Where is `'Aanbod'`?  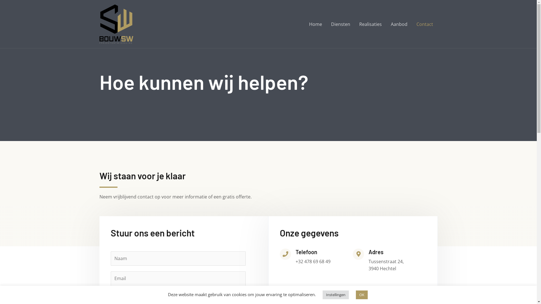 'Aanbod' is located at coordinates (398, 23).